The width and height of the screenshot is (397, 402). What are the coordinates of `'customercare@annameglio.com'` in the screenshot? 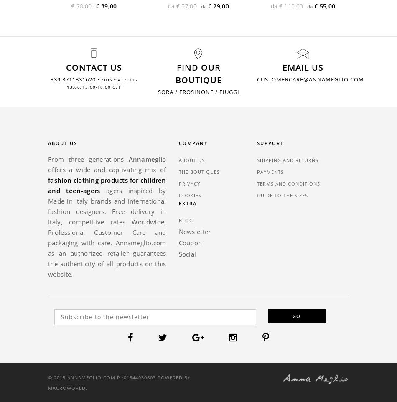 It's located at (310, 79).